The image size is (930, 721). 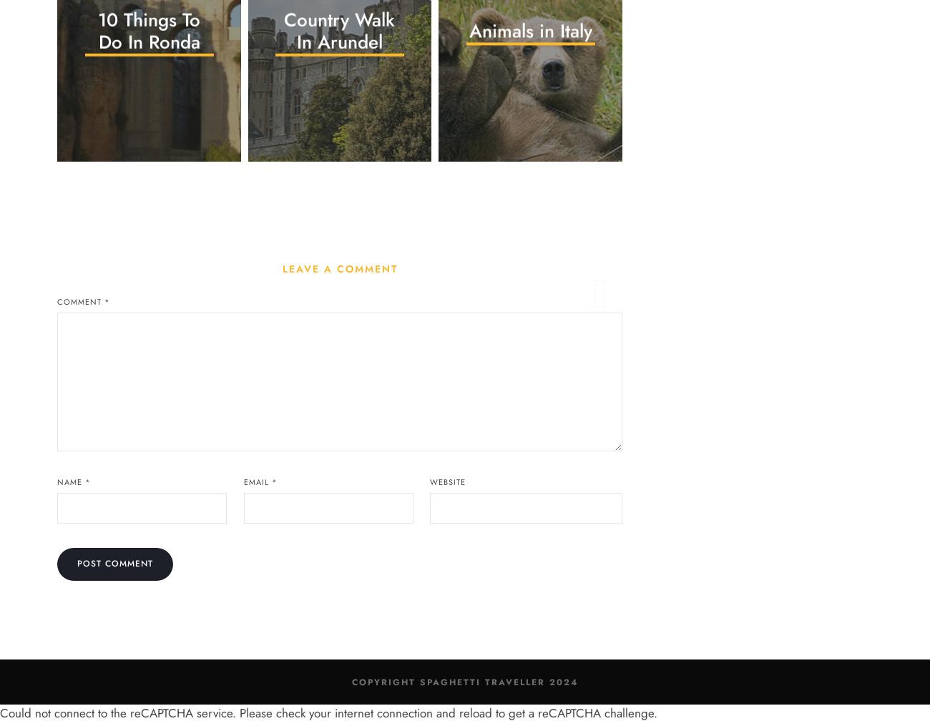 What do you see at coordinates (96, 31) in the screenshot?
I see `'10 Things To Do In Ronda'` at bounding box center [96, 31].